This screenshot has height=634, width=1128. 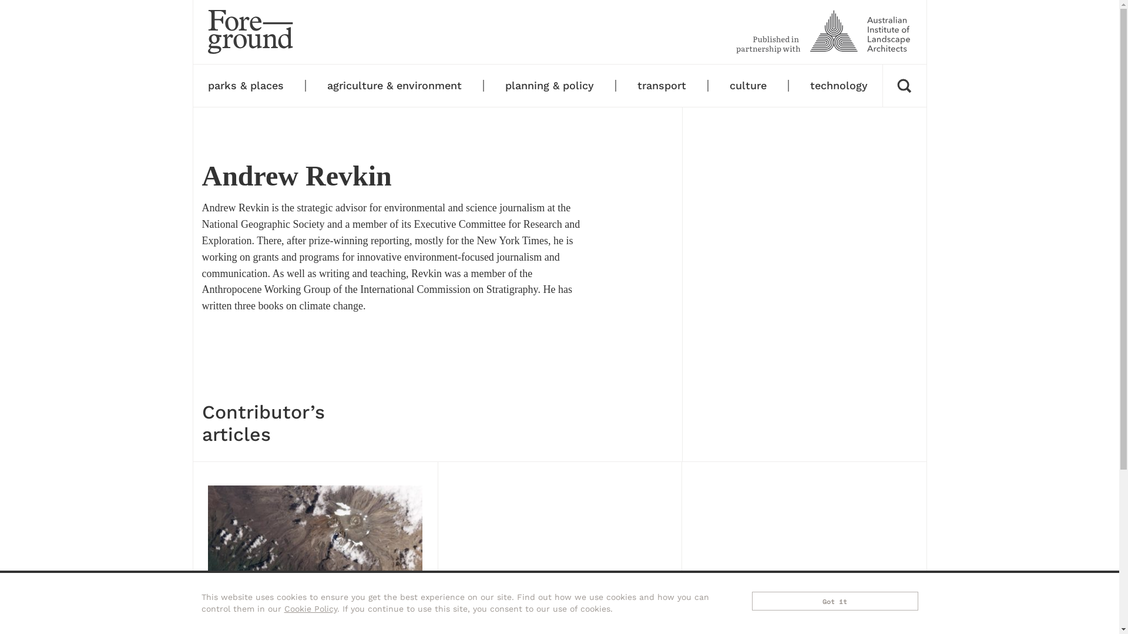 I want to click on 'agriculture & environment', so click(x=394, y=85).